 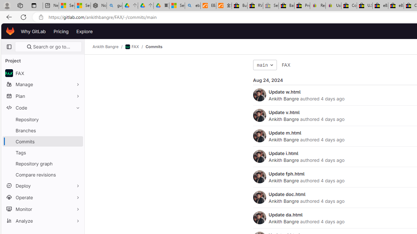 What do you see at coordinates (42, 119) in the screenshot?
I see `'Repository'` at bounding box center [42, 119].